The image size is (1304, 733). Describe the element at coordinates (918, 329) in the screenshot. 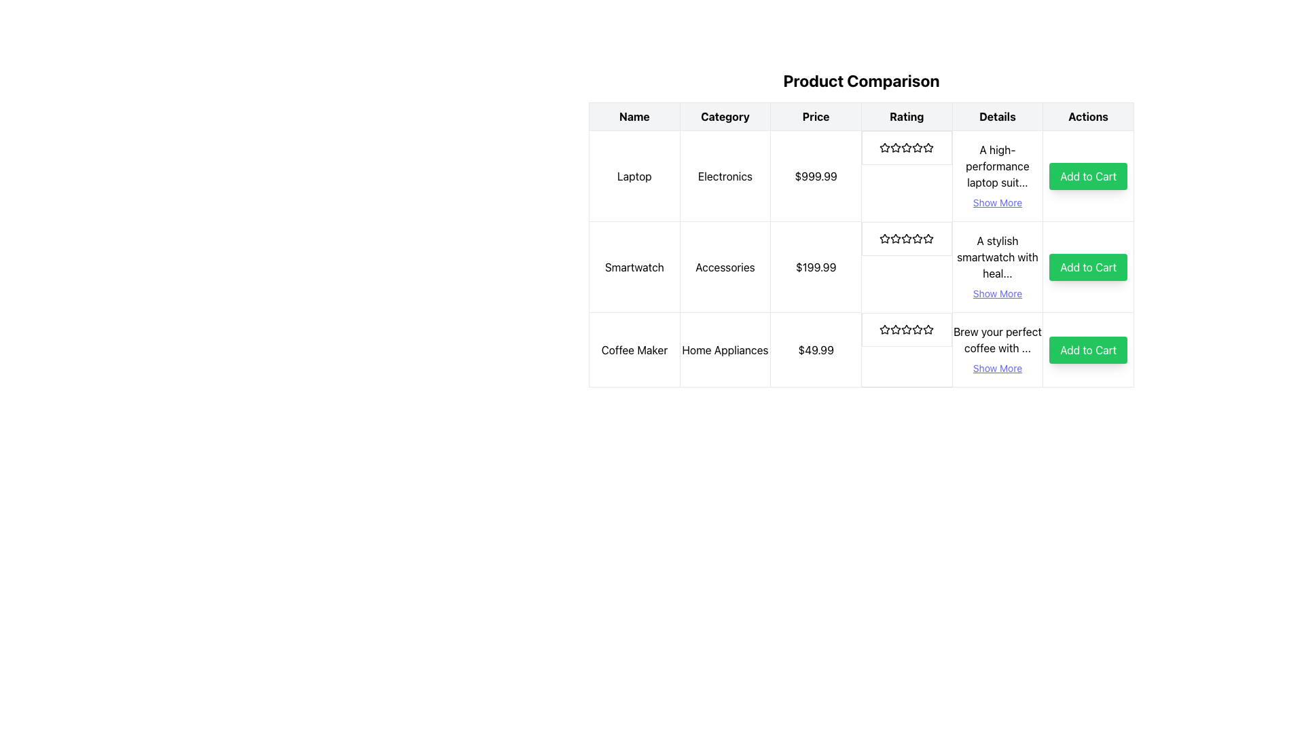

I see `the second star rating icon in the 'Coffee Maker' row under the 'Rating' column of the product comparison table` at that location.